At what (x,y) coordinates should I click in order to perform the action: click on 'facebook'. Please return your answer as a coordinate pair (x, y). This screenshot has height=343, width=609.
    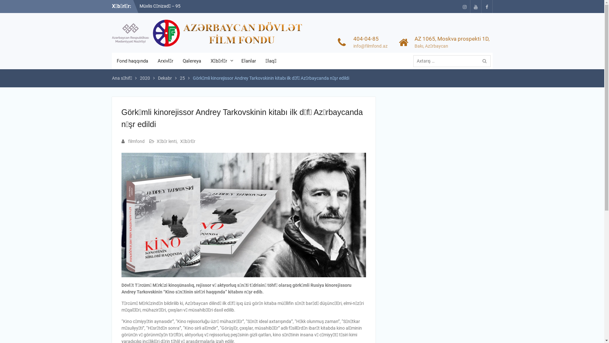
    Looking at the image, I should click on (486, 6).